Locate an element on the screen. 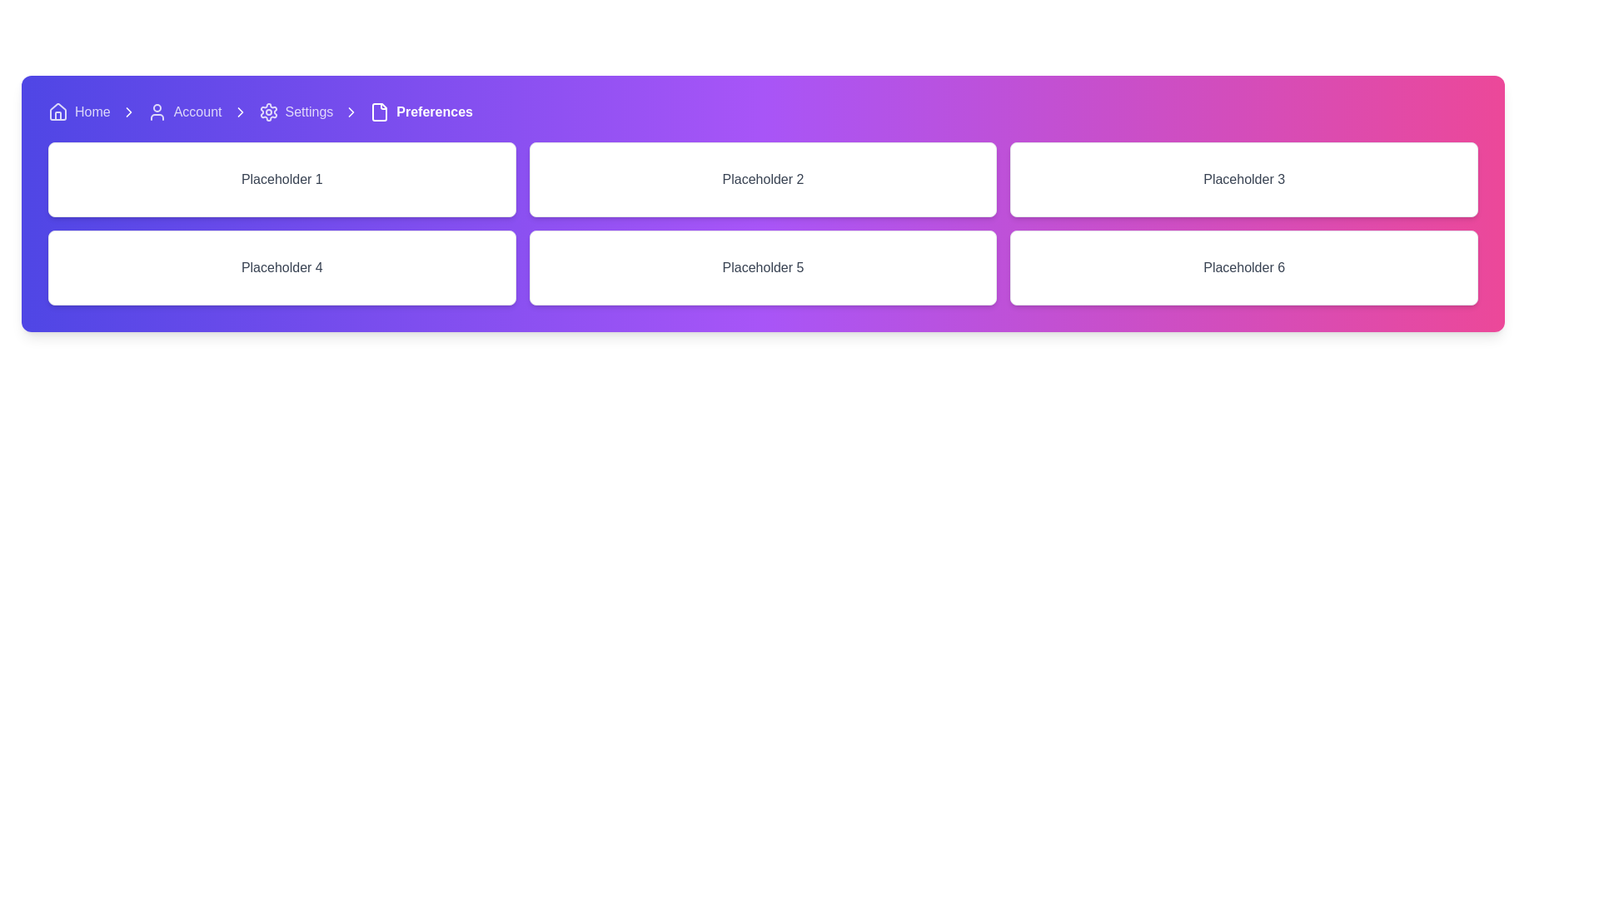  fourth chevron icon in the breadcrumb navigation bar, which indicates hierarchical progression, for its attributes is located at coordinates (351, 112).